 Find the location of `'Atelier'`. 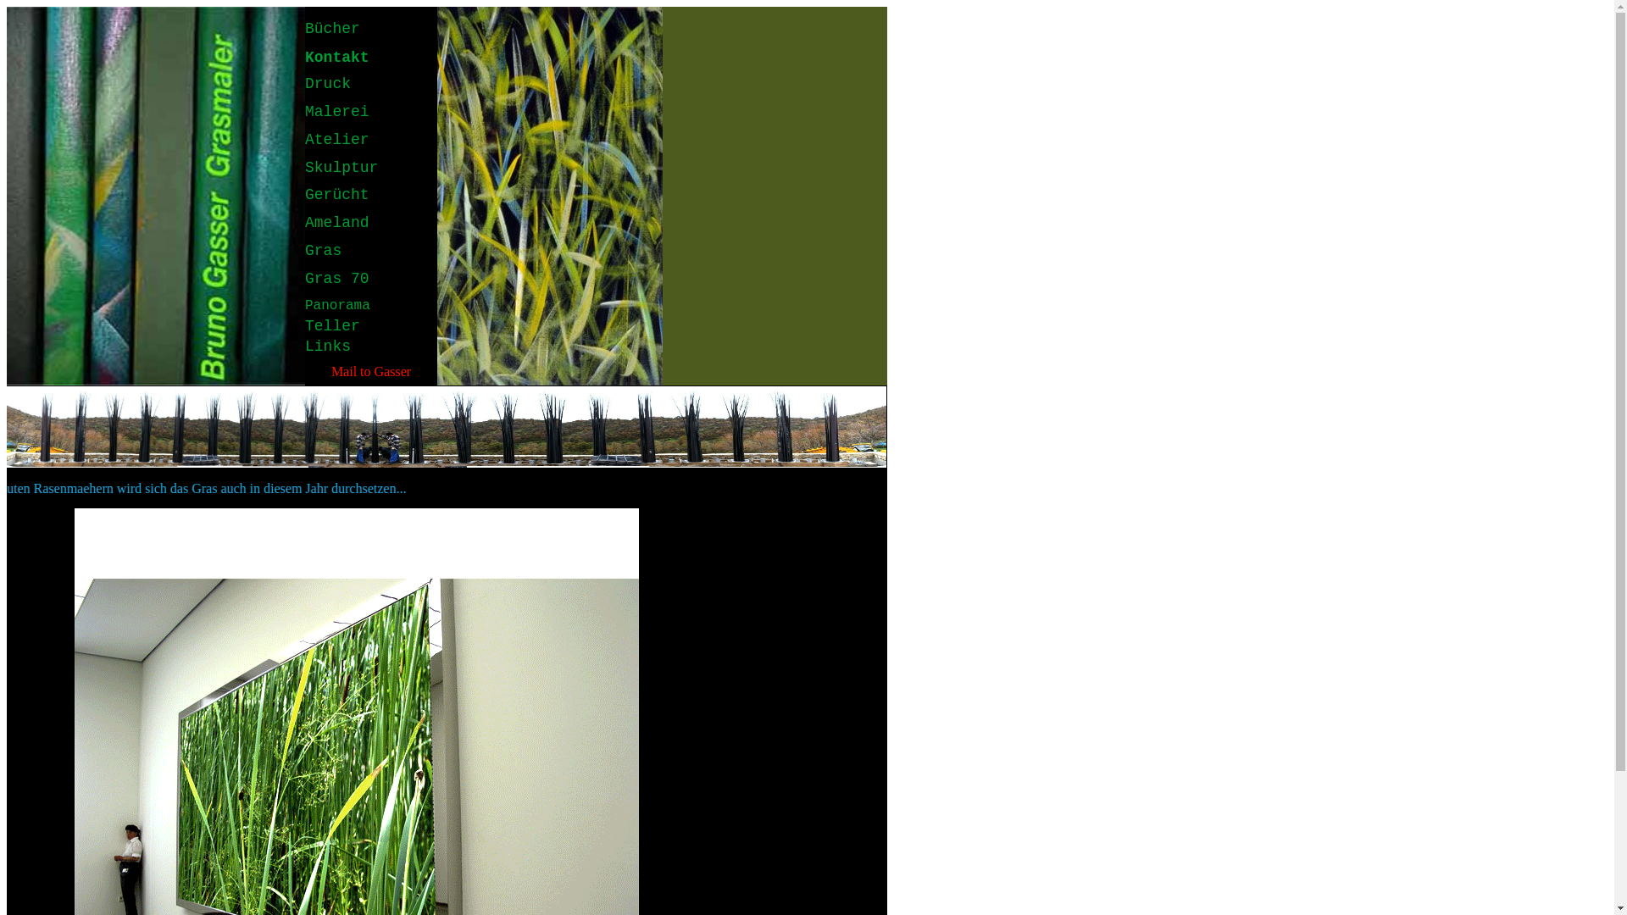

'Atelier' is located at coordinates (337, 139).